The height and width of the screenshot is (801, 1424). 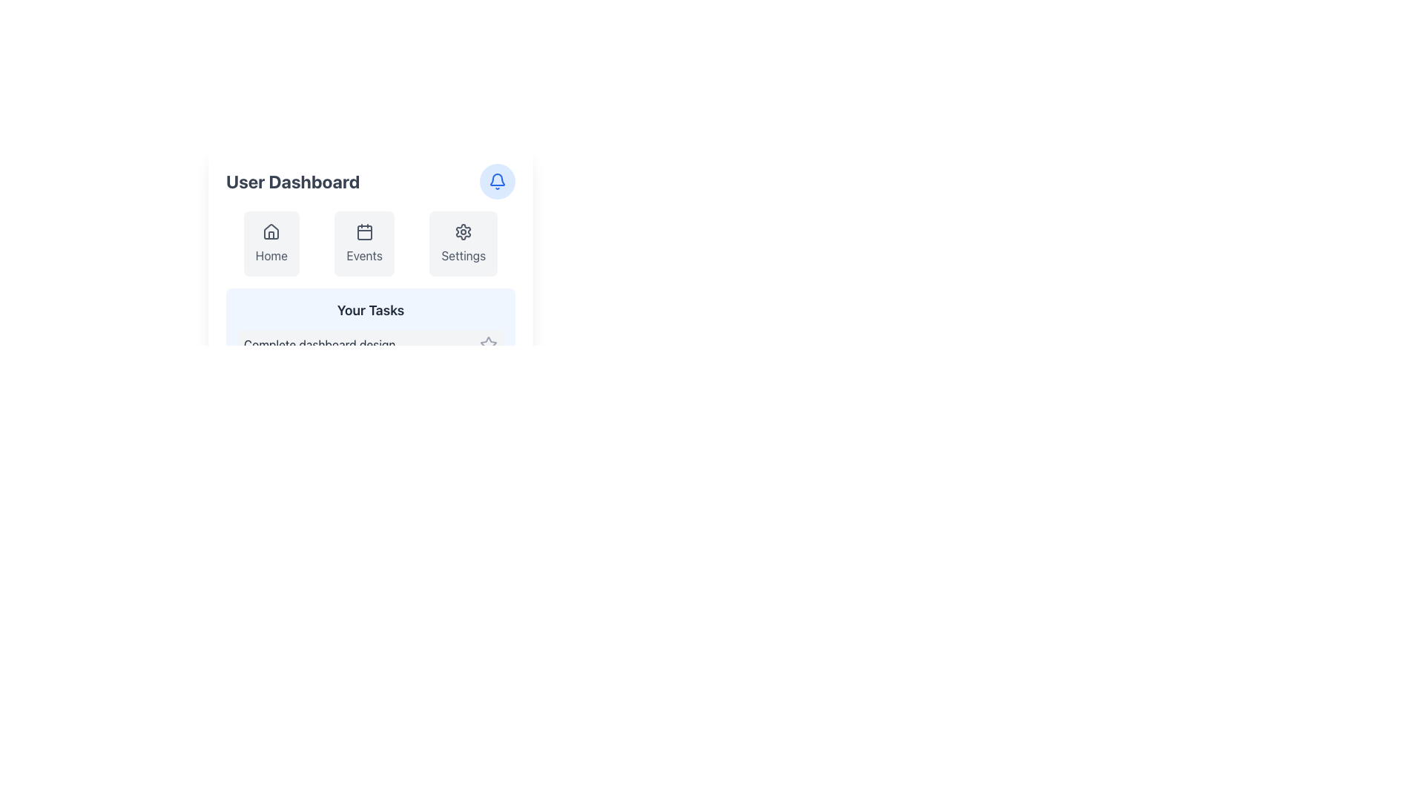 What do you see at coordinates (271, 243) in the screenshot?
I see `the Button-like navigation card located at the top-left corner of the interface to activate hover effects` at bounding box center [271, 243].